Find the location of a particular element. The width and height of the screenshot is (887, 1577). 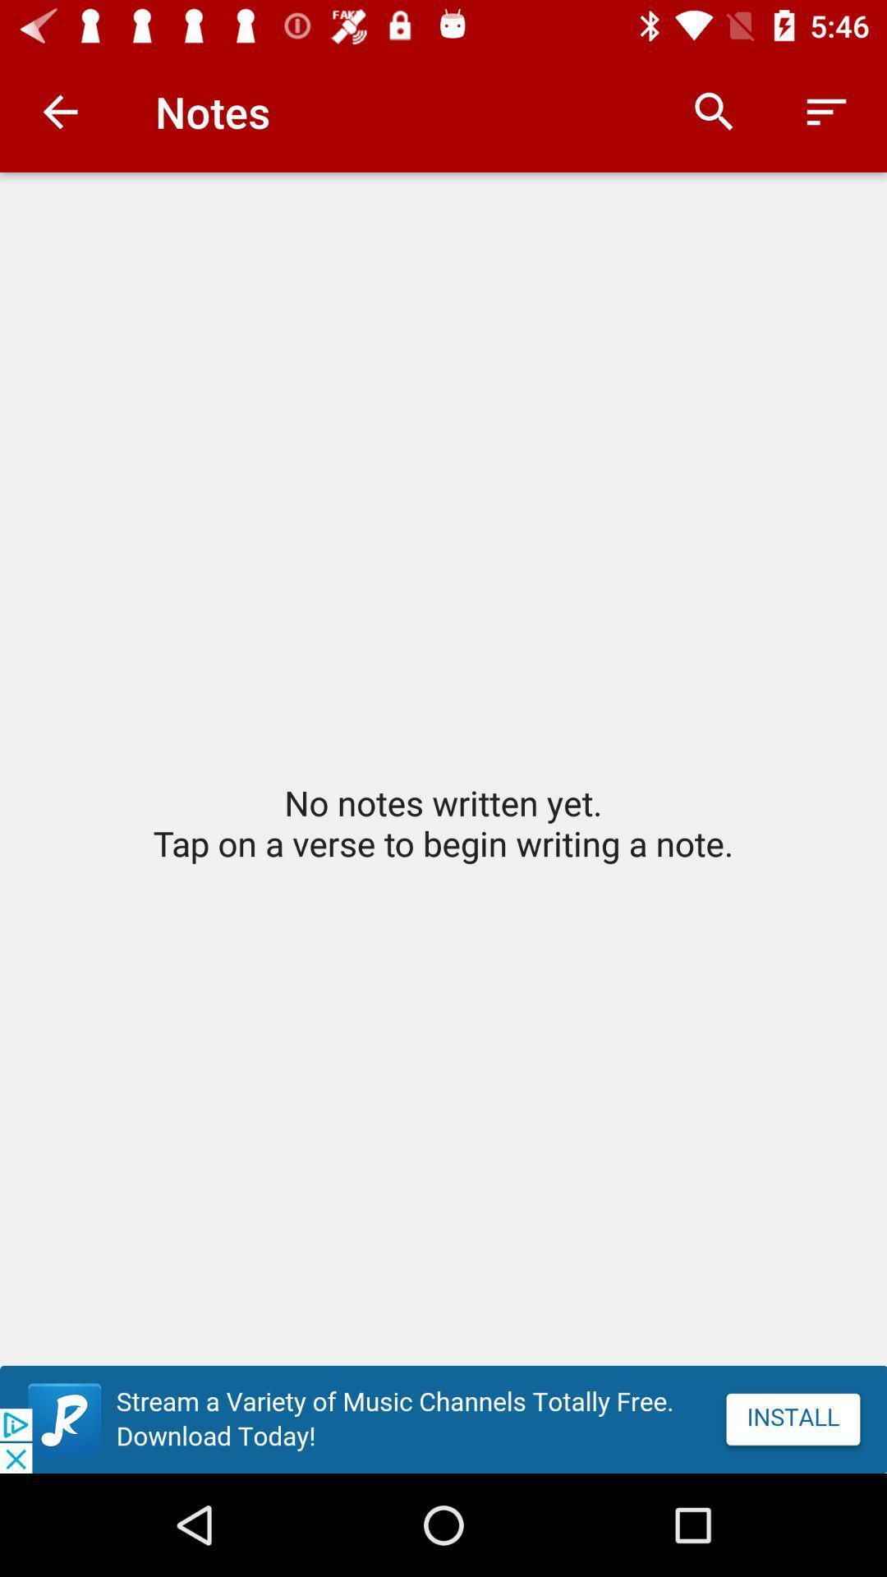

advertisement is located at coordinates (443, 1418).